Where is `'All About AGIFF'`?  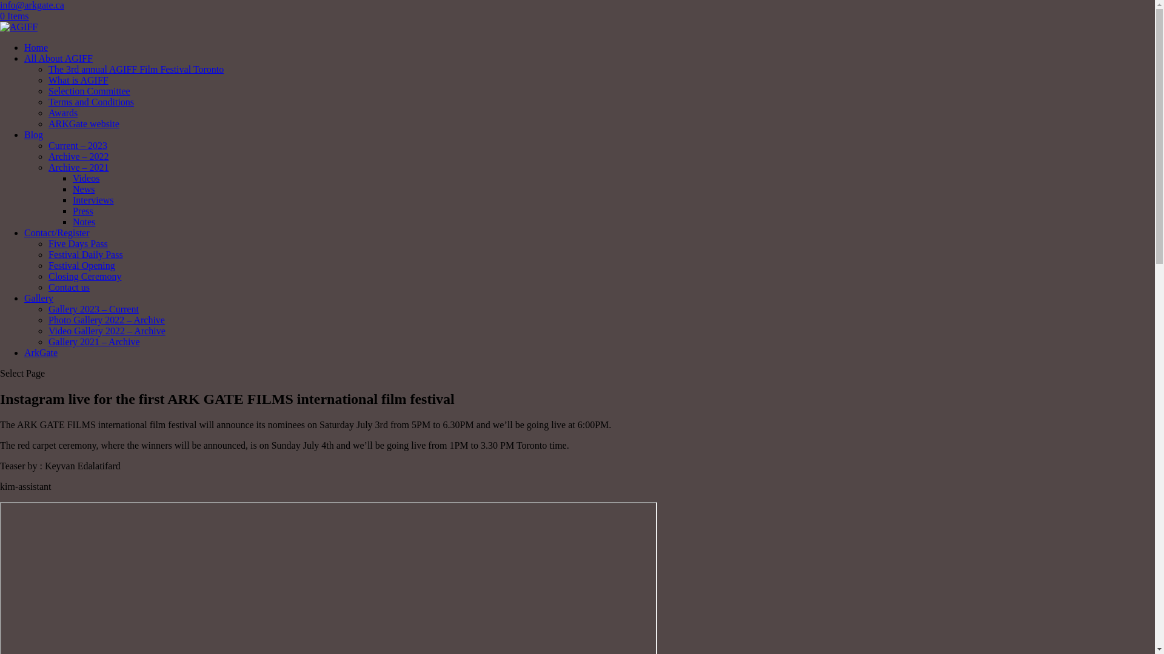
'All About AGIFF' is located at coordinates (58, 58).